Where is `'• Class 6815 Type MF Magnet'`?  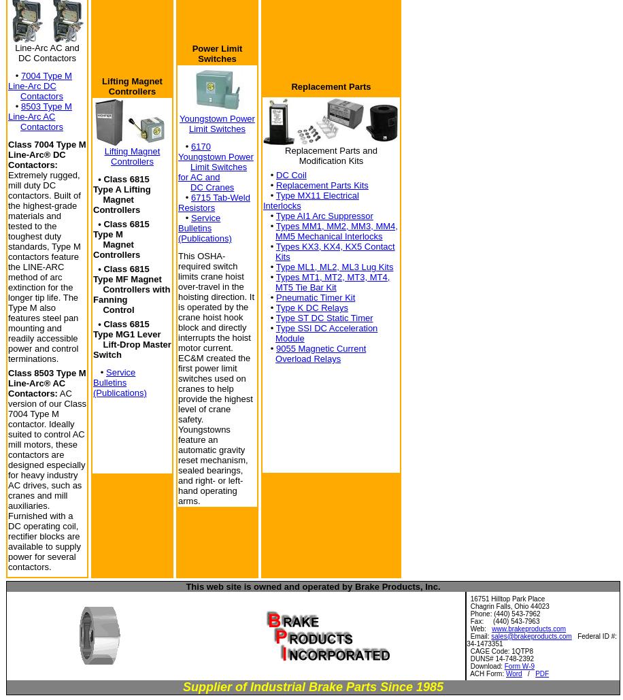 '• Class 6815 Type MF Magnet' is located at coordinates (126, 273).